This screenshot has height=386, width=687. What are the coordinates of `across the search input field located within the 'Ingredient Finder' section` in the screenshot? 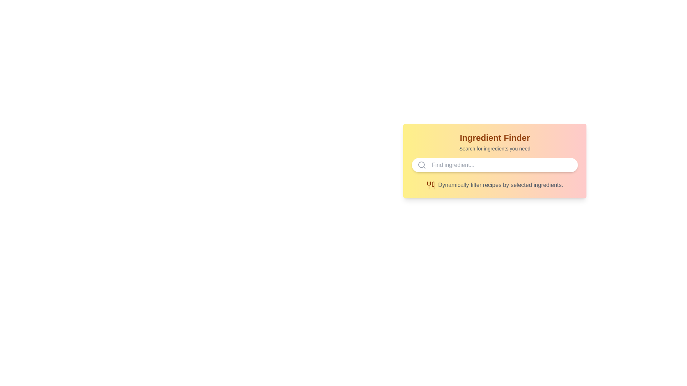 It's located at (494, 165).